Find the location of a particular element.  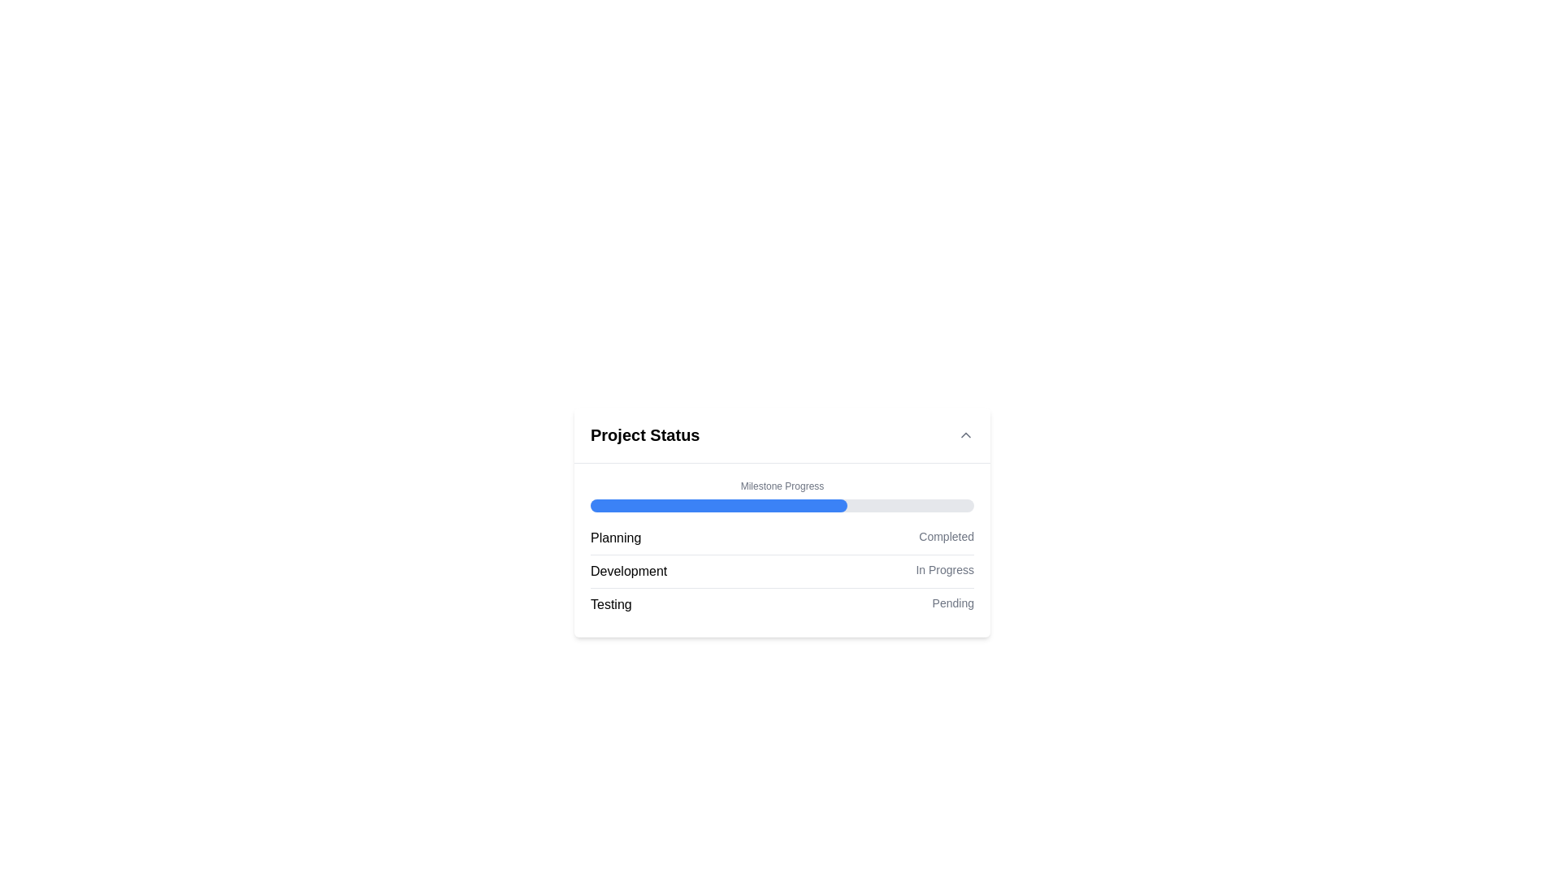

the progress visually by focusing on the horizontal progress bar located below the 'Milestone Progress' label in the 'Project Status' section is located at coordinates (782, 505).